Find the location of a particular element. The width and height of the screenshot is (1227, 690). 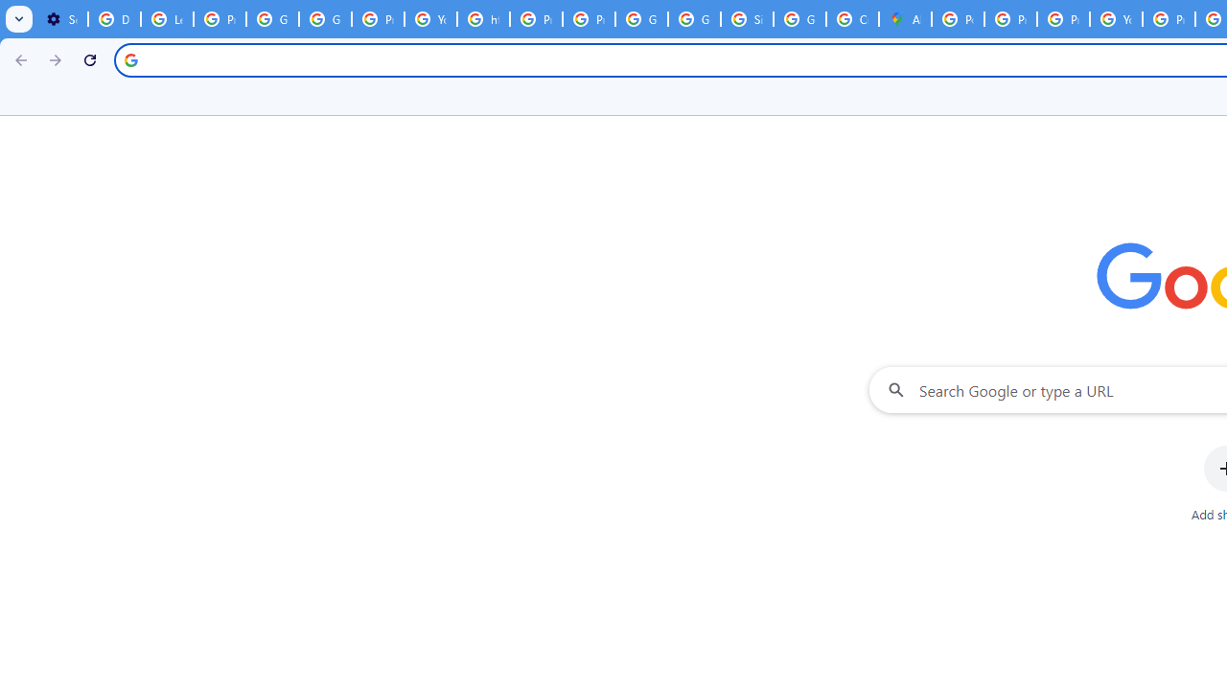

'Google Account Help' is located at coordinates (271, 19).